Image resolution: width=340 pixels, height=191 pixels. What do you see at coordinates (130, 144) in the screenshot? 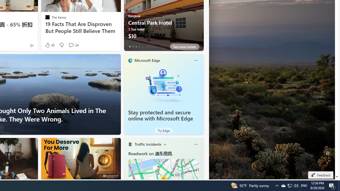
I see `'Traffic Title Traffic Light'` at bounding box center [130, 144].